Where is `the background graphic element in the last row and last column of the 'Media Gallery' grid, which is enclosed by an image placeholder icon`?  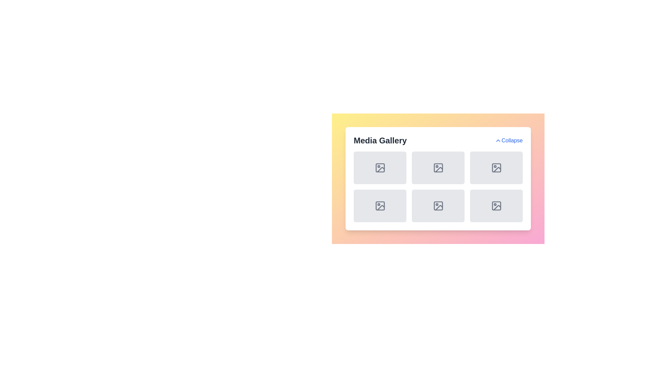 the background graphic element in the last row and last column of the 'Media Gallery' grid, which is enclosed by an image placeholder icon is located at coordinates (496, 205).